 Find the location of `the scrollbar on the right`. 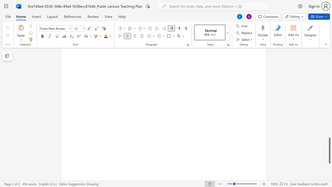

the scrollbar on the right is located at coordinates (329, 55).